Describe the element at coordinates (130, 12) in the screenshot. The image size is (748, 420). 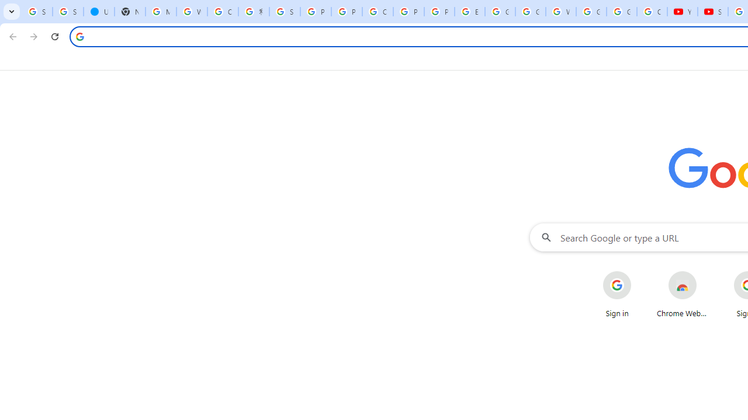
I see `'New Tab'` at that location.